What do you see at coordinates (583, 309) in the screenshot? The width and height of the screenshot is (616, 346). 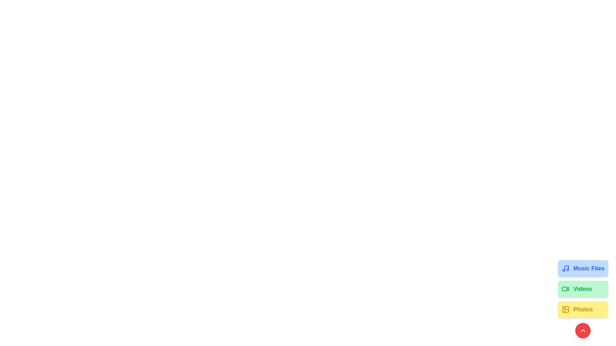 I see `the 'Photos' button` at bounding box center [583, 309].